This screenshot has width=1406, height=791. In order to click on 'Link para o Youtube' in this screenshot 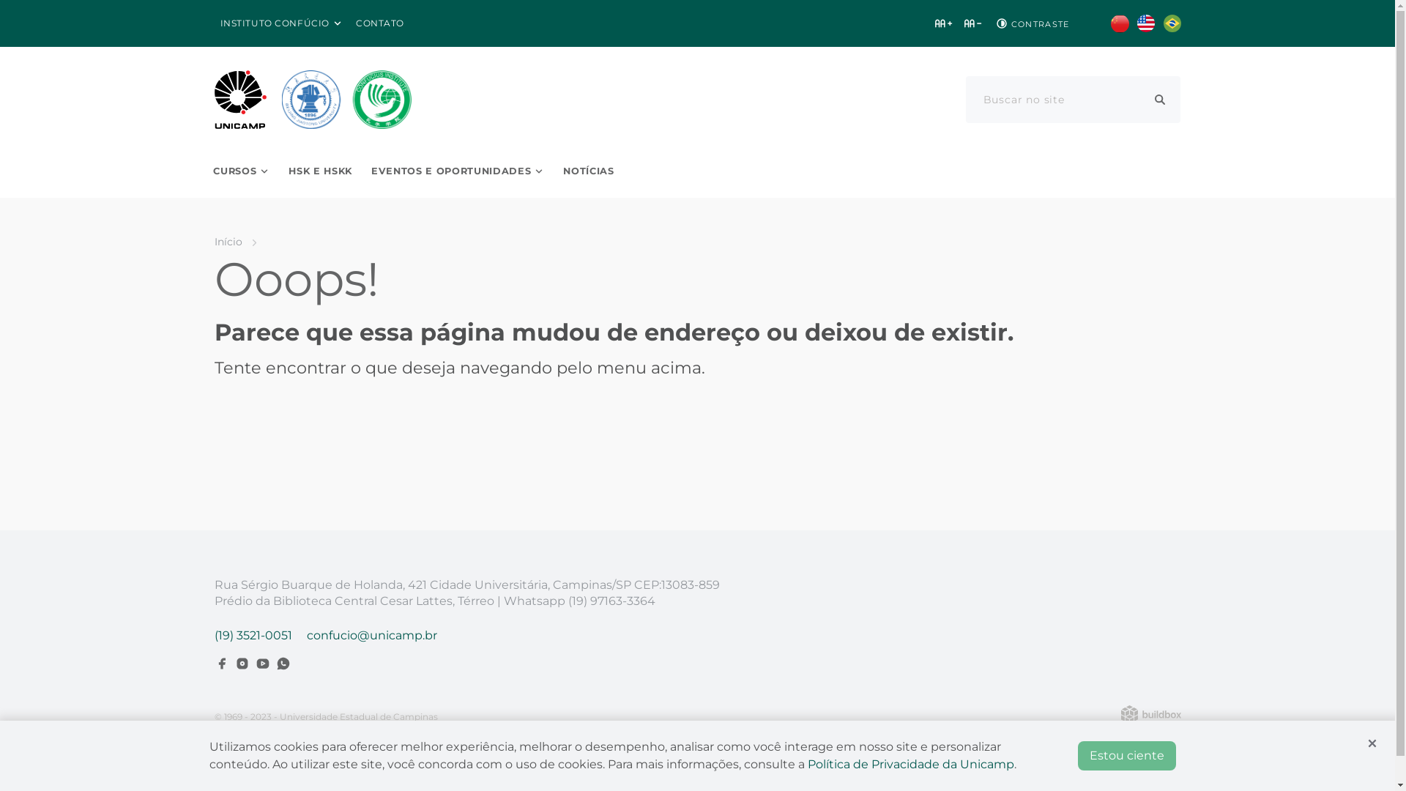, I will do `click(262, 664)`.